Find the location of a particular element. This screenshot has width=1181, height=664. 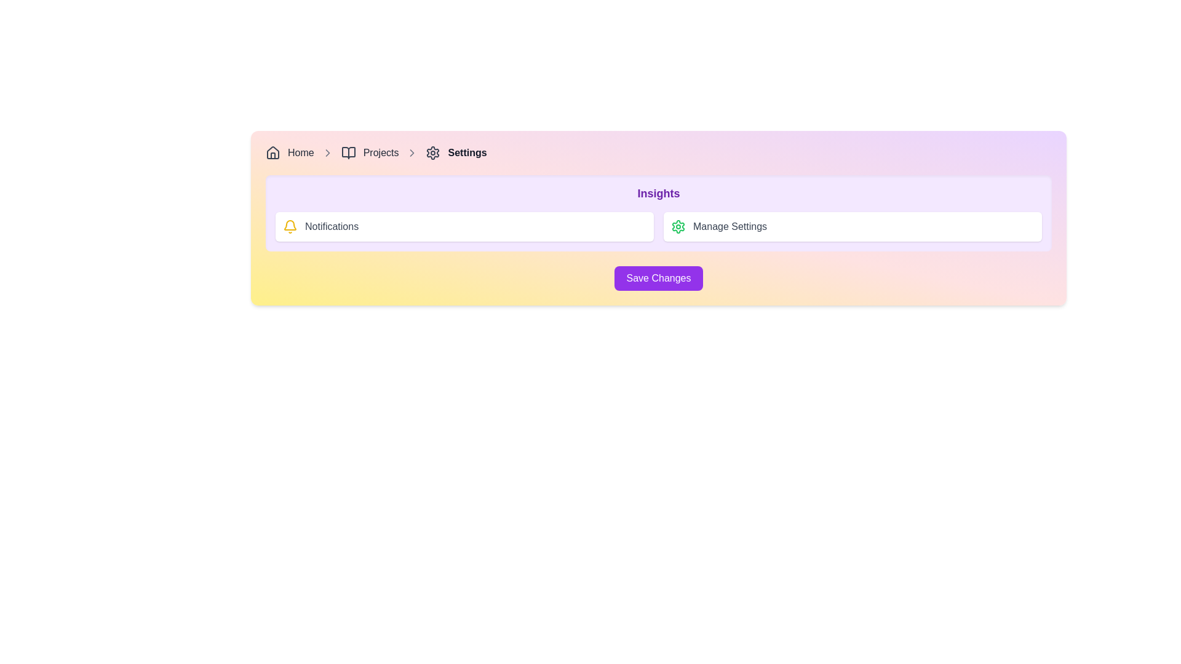

the 'Projects' link in the navigation bar is located at coordinates (380, 152).